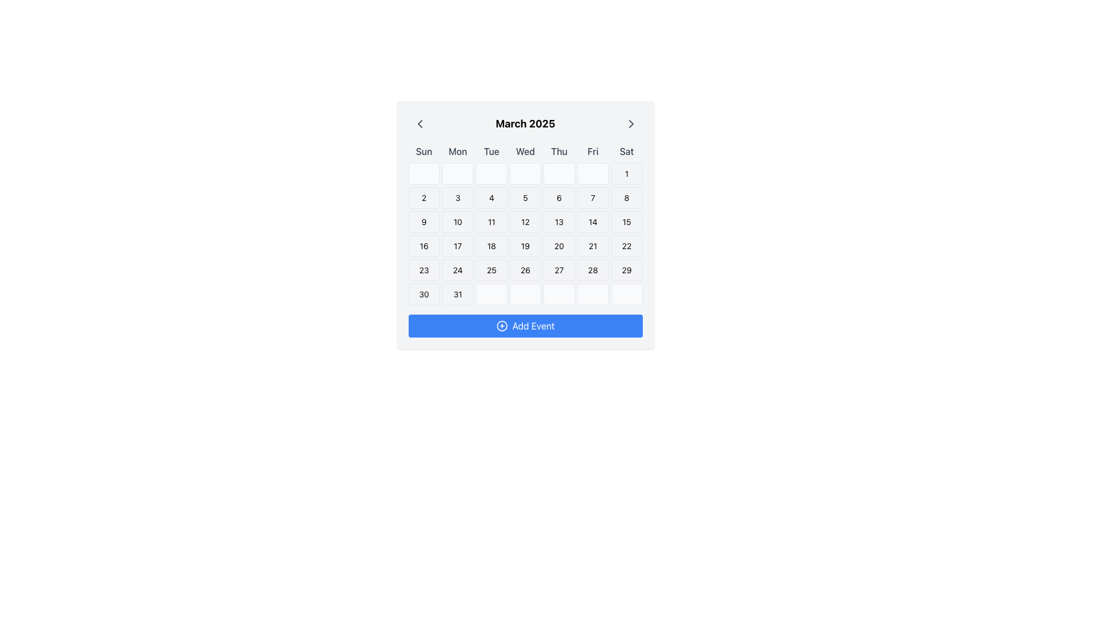 The image size is (1102, 620). I want to click on the calendar day cell displaying the number '21', located in the 4th row and 7th column of the calendar grid for March 2025, so click(593, 245).